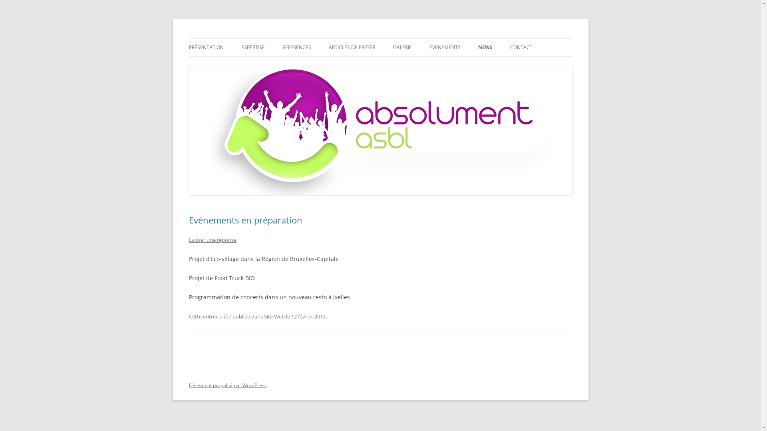 The width and height of the screenshot is (767, 431). Describe the element at coordinates (415, 41) in the screenshot. I see `'Aller au contenu principal'` at that location.